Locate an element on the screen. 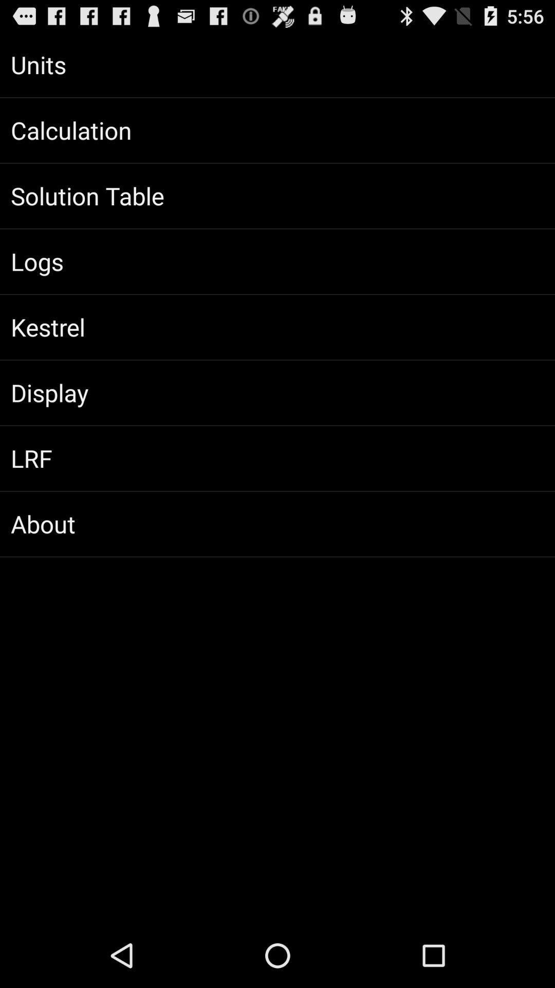 This screenshot has width=555, height=988. app above the calculation icon is located at coordinates (277, 64).